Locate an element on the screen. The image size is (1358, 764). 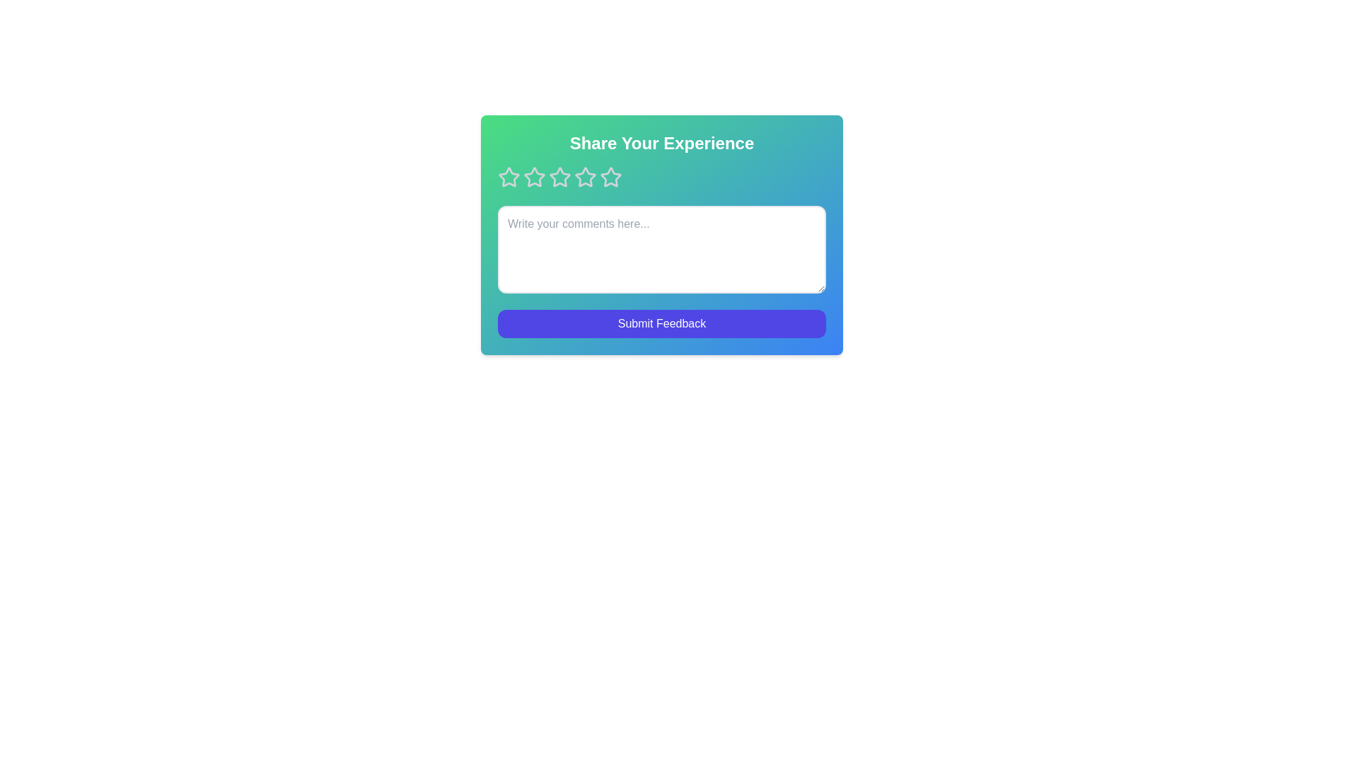
the 'Submit Feedback' button is located at coordinates (661, 324).